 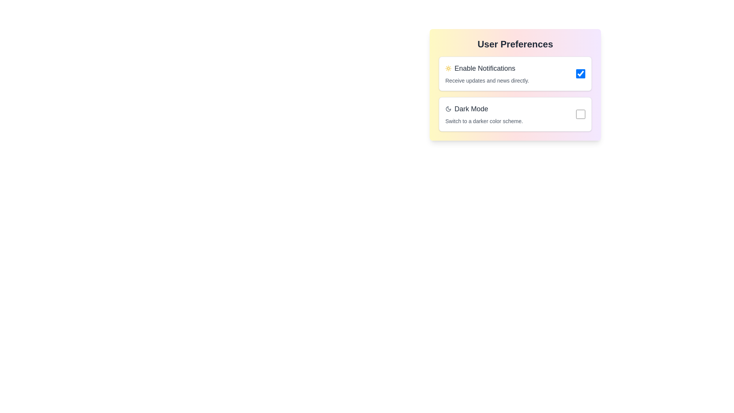 I want to click on the checkbox in the 'User Preferences' section, so click(x=515, y=114).